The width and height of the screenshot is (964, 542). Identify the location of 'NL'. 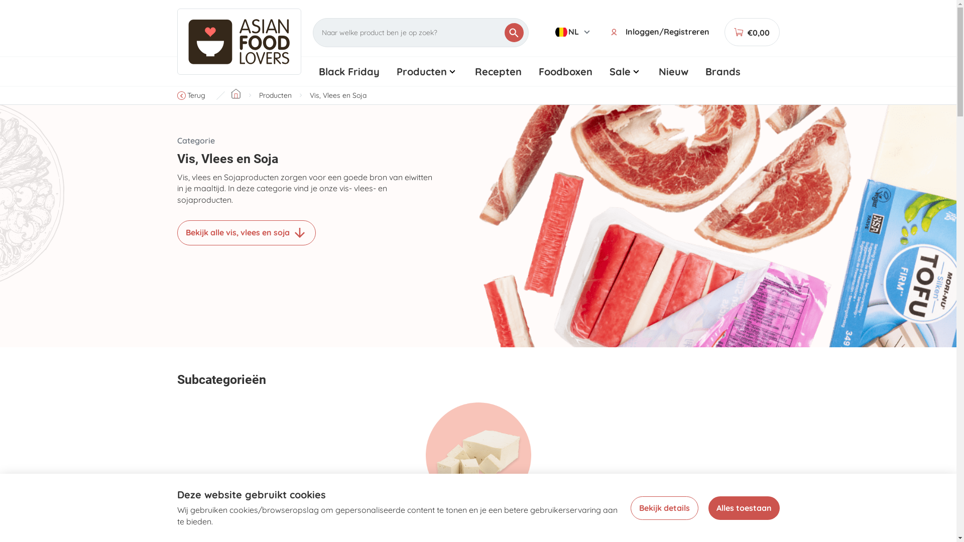
(573, 32).